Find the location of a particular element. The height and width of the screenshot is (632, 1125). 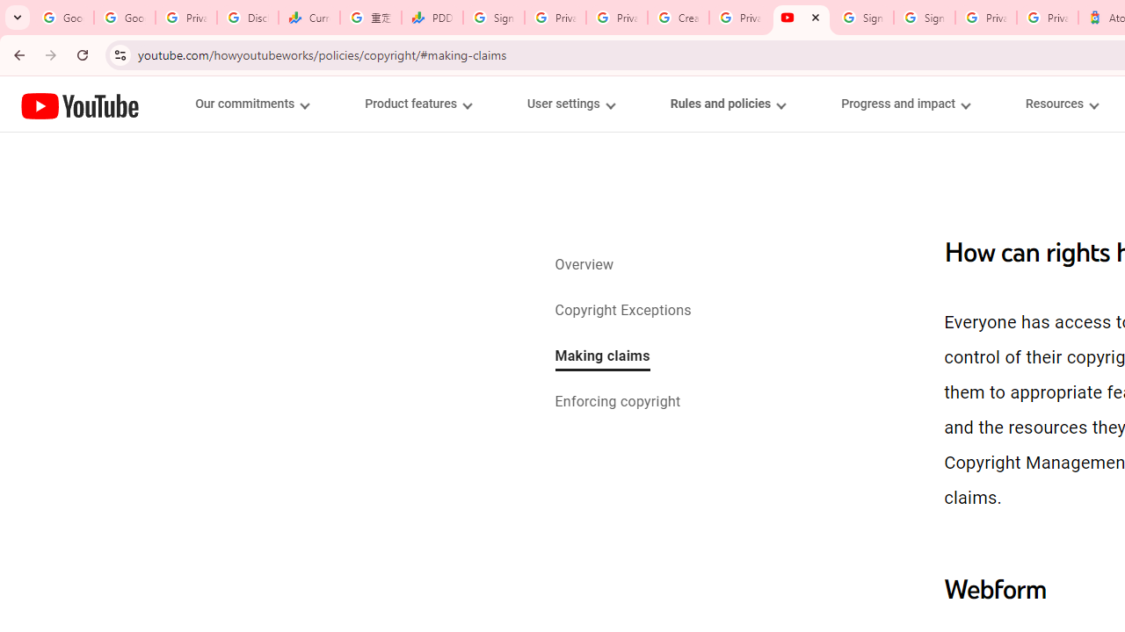

'PDD Holdings Inc - ADR (PDD) Price & News - Google Finance' is located at coordinates (432, 18).